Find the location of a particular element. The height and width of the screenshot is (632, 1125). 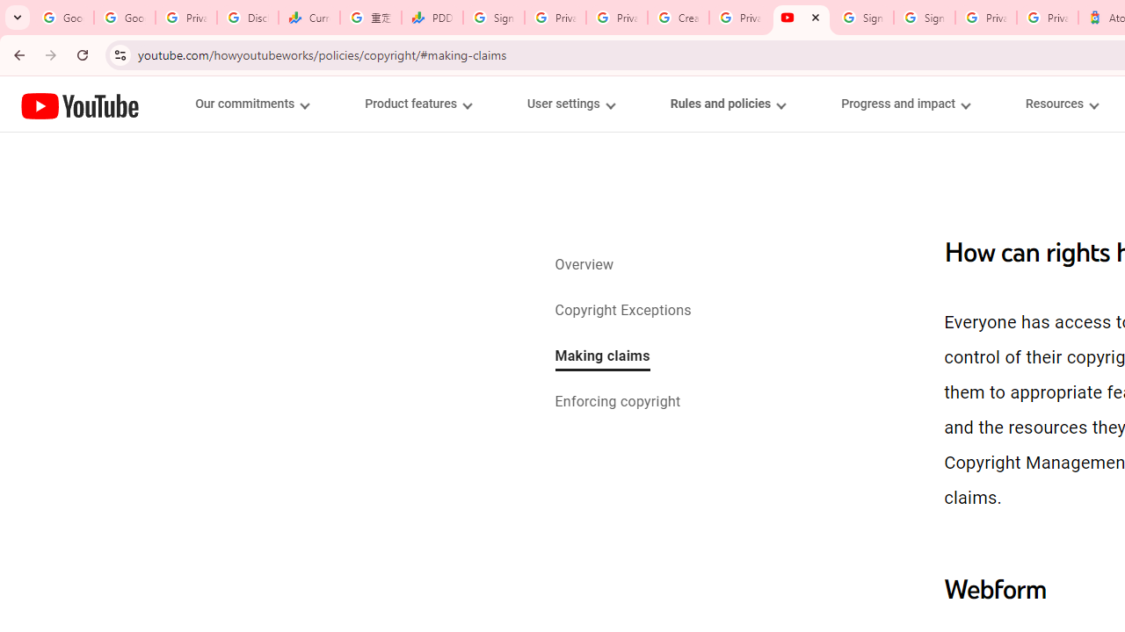

'PDD Holdings Inc - ADR (PDD) Price & News - Google Finance' is located at coordinates (432, 18).